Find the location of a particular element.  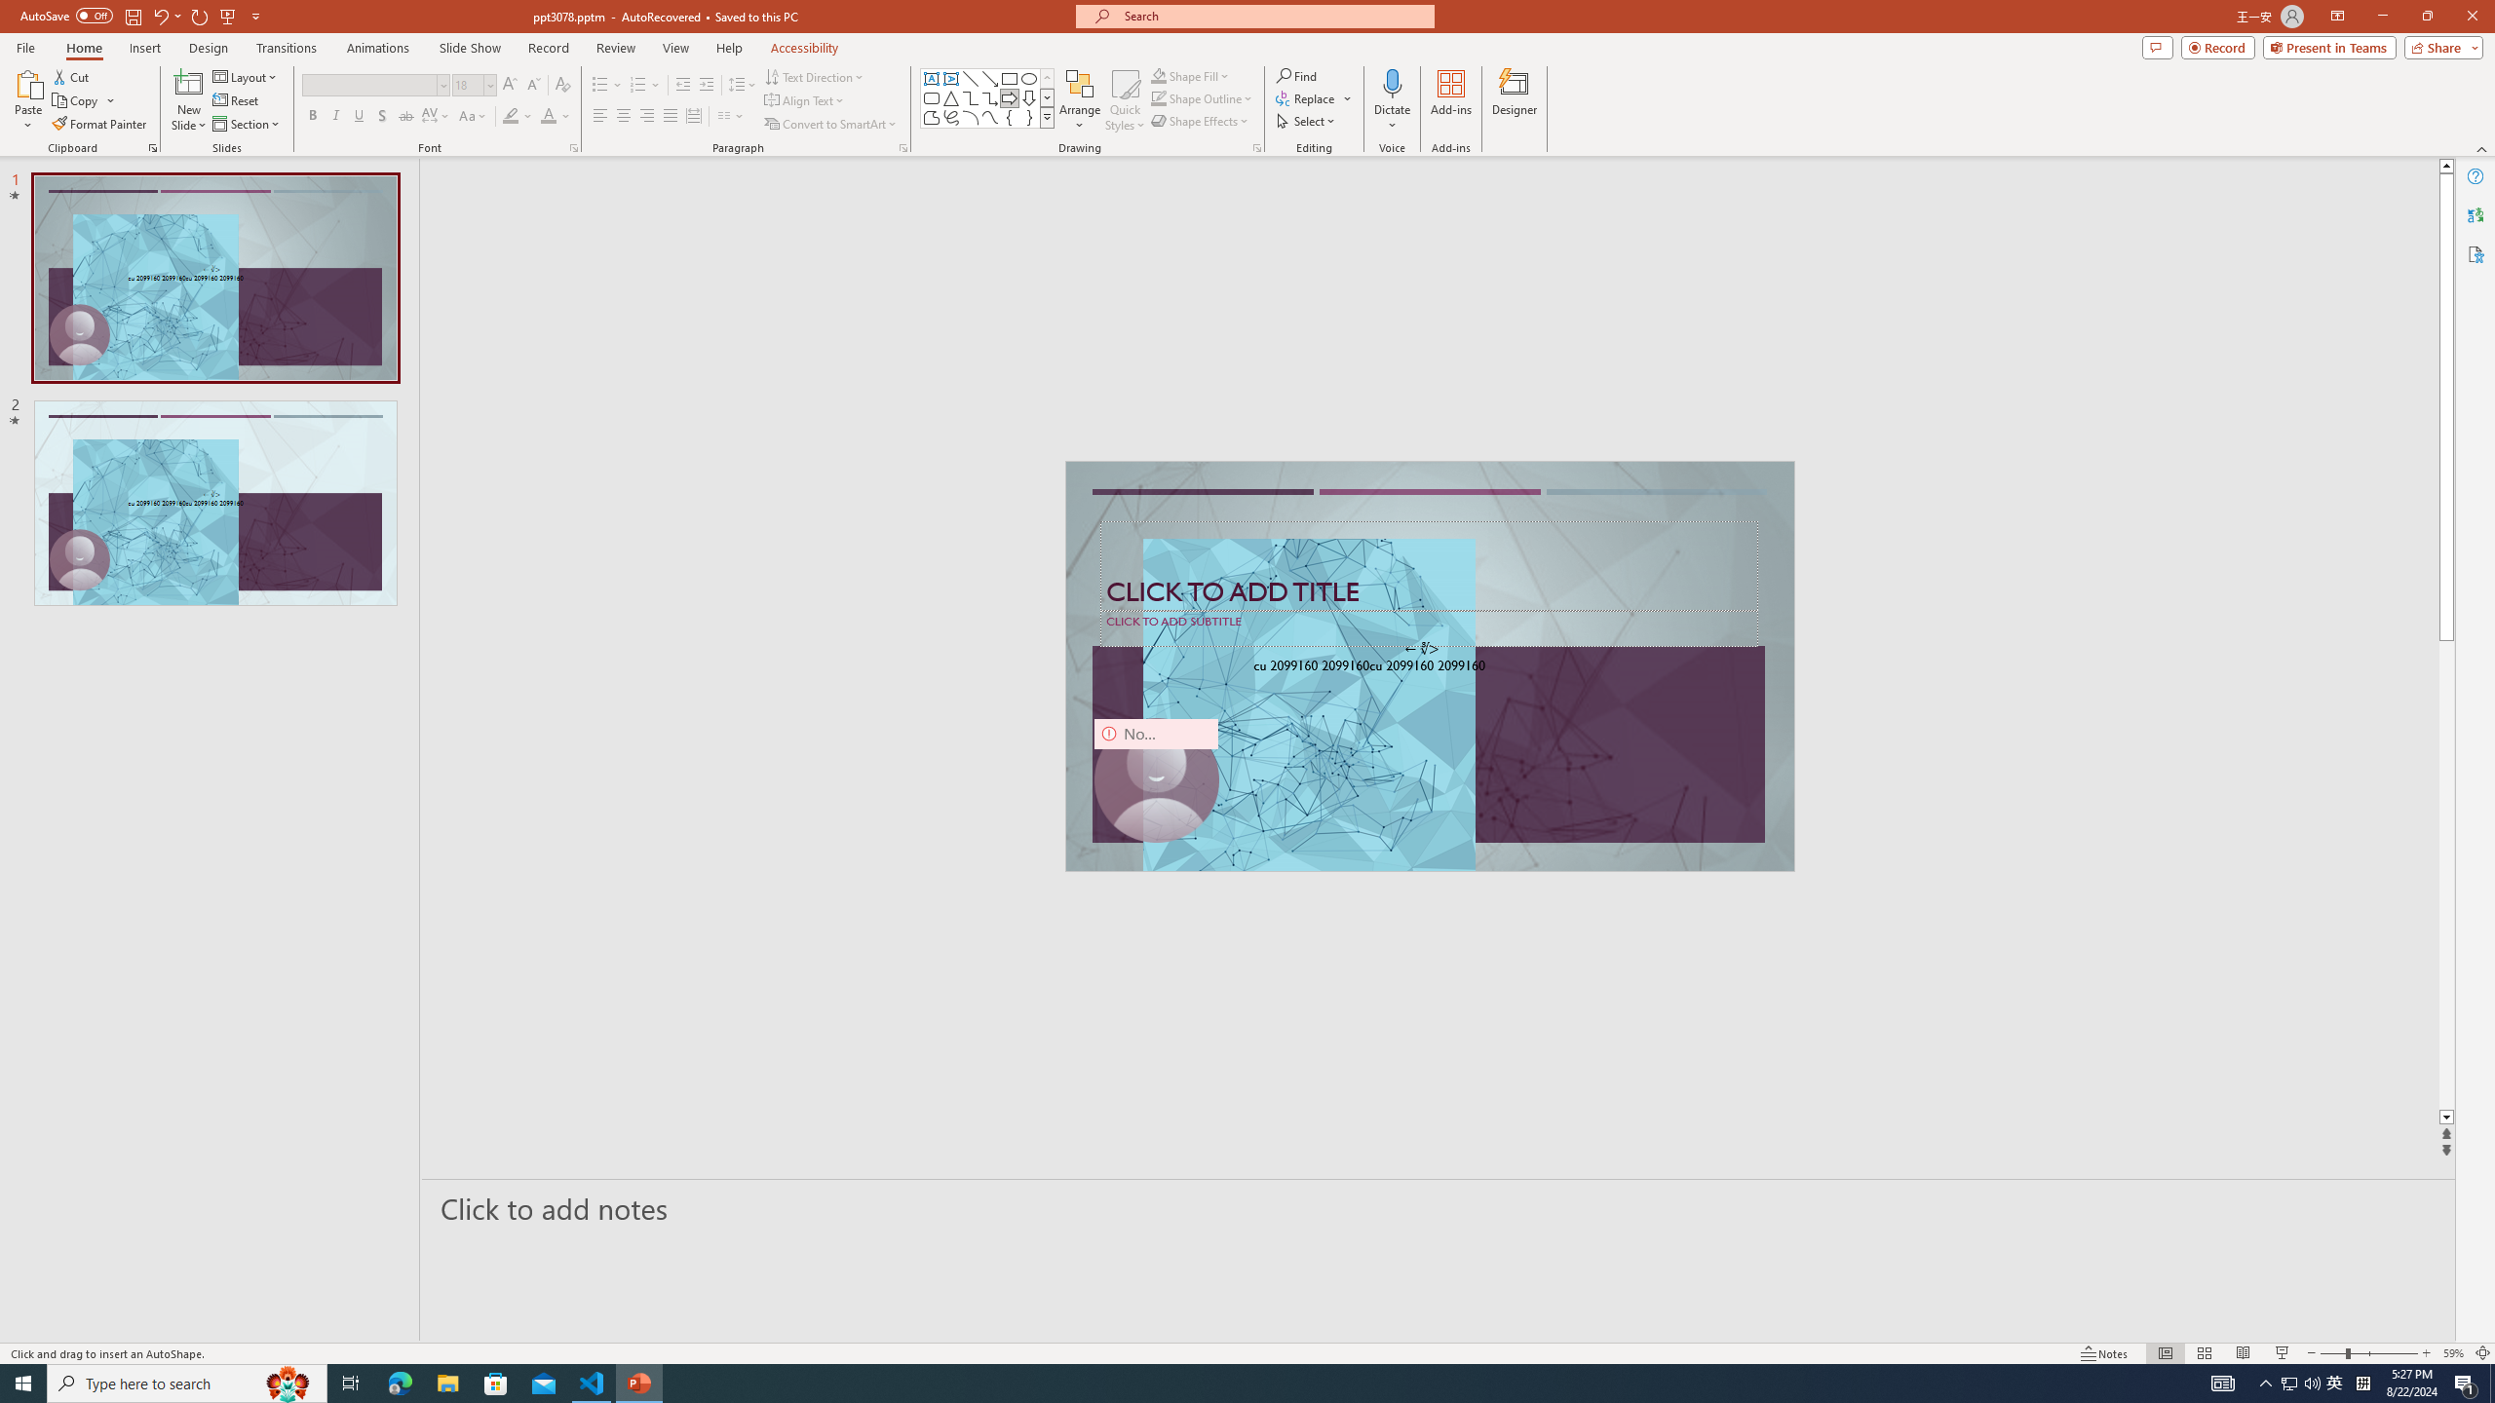

'Zoom 59%' is located at coordinates (2452, 1353).